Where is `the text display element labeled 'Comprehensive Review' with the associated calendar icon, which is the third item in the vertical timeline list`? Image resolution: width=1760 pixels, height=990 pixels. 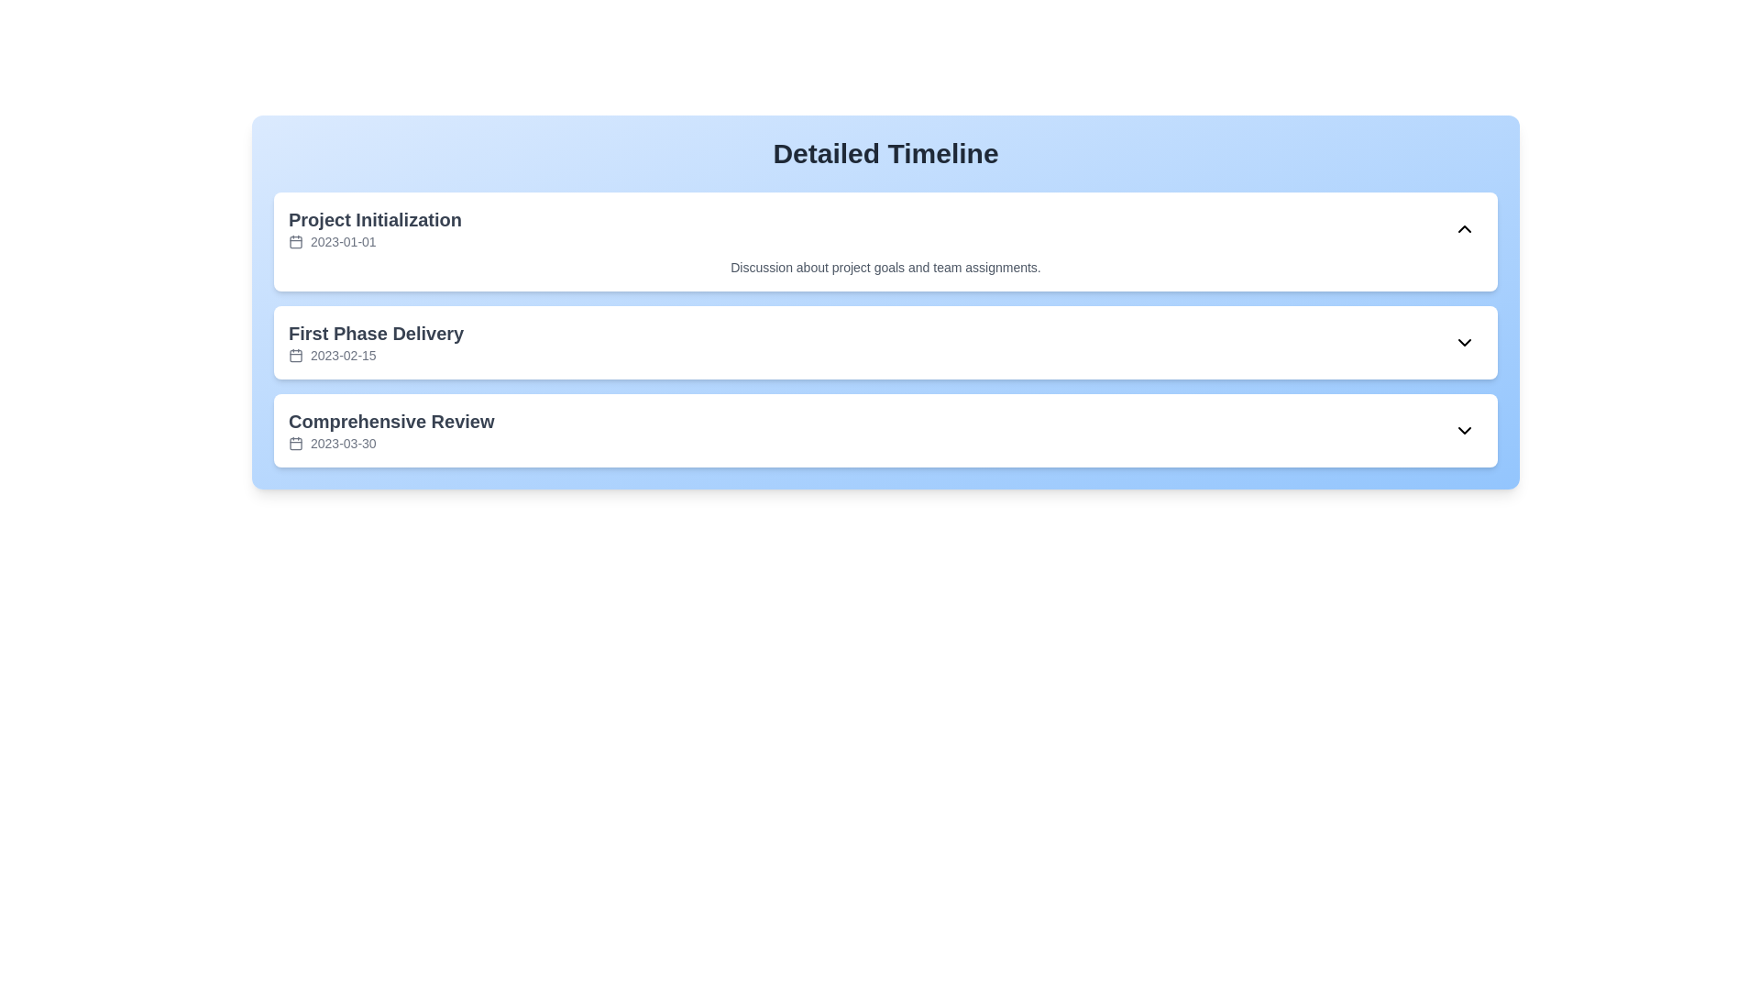 the text display element labeled 'Comprehensive Review' with the associated calendar icon, which is the third item in the vertical timeline list is located at coordinates (390, 431).